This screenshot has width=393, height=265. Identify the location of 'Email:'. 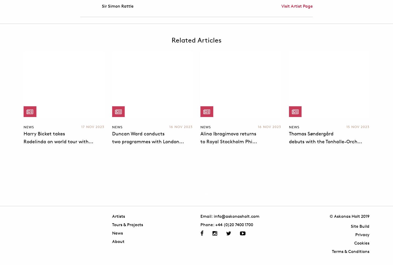
(207, 216).